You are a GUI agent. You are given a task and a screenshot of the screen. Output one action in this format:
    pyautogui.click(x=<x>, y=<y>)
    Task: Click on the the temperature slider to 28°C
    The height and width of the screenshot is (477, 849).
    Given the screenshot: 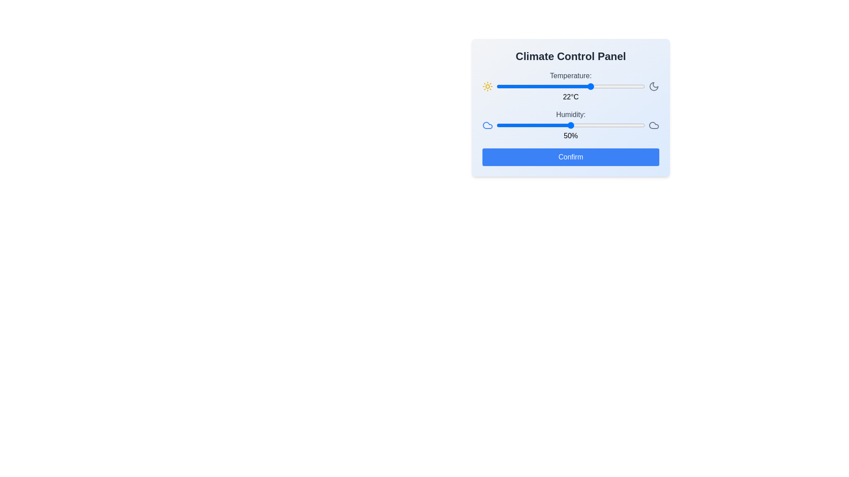 What is the action you would take?
    pyautogui.click(x=609, y=87)
    